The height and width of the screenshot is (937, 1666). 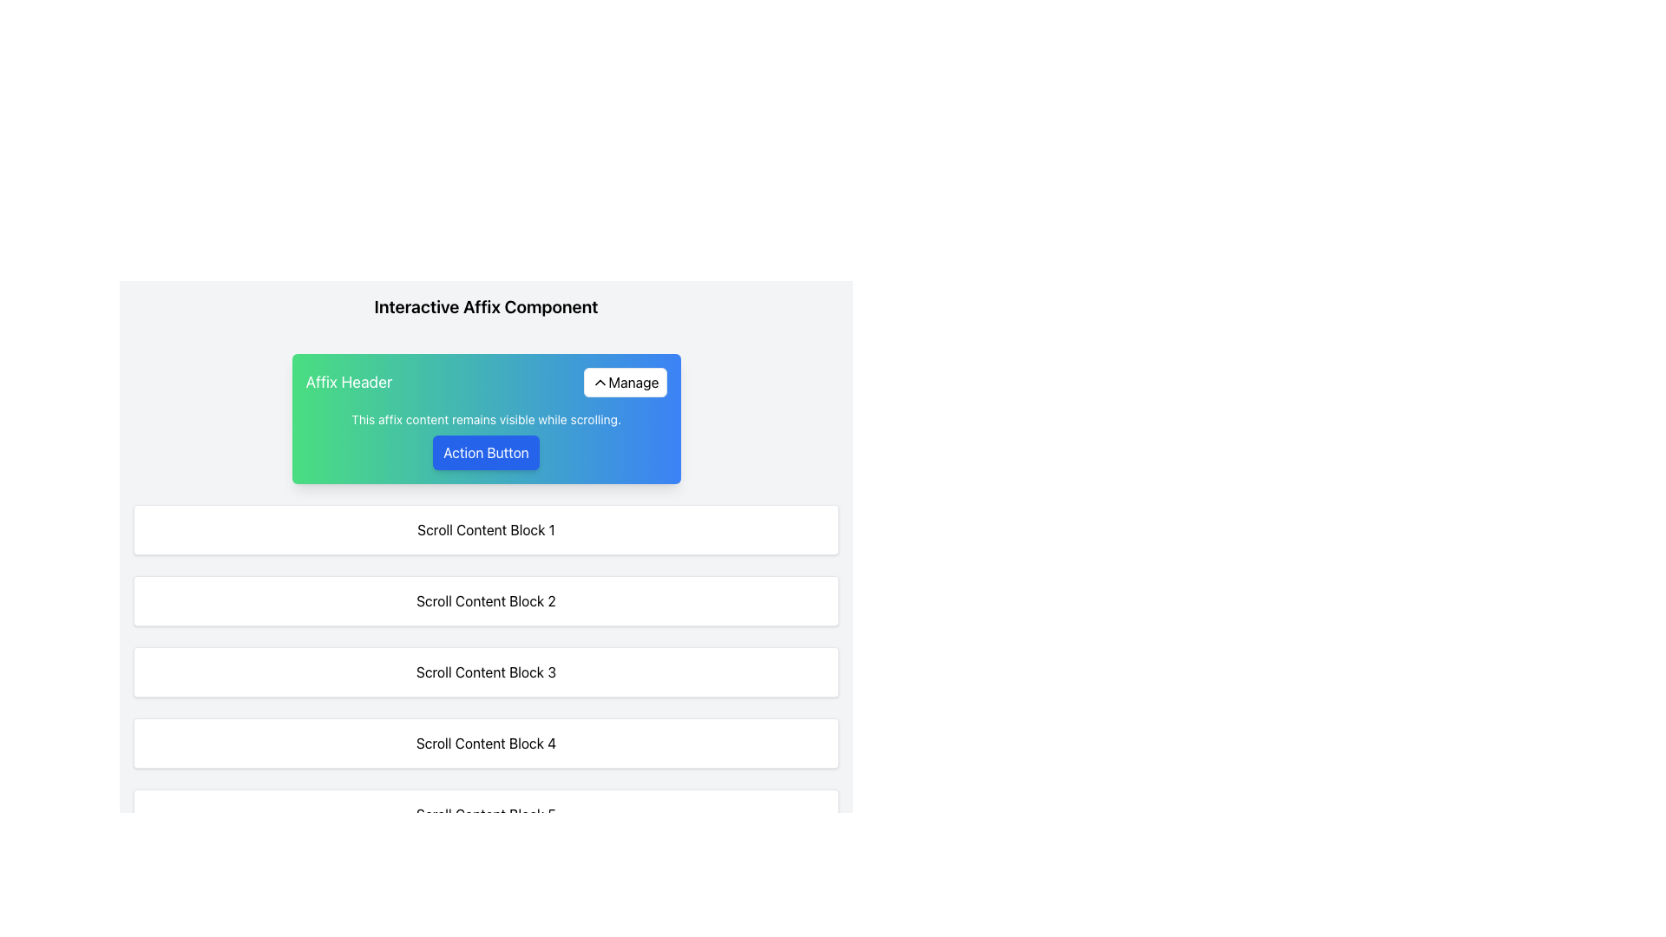 I want to click on text from the Content Block labeled 'Scroll Content Block 4', which is a rectangular block with a white background and rounded corners located at the fourth position in the vertical list of blocks, so click(x=486, y=742).